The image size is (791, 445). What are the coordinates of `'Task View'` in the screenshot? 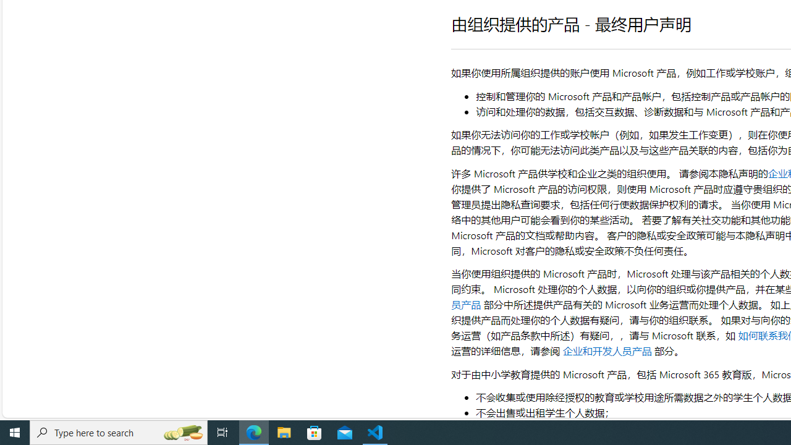 It's located at (222, 431).